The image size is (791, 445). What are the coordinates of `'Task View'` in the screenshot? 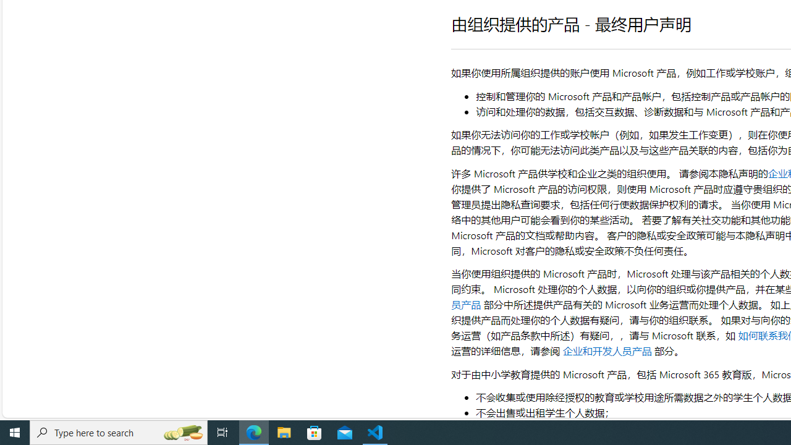 It's located at (222, 431).